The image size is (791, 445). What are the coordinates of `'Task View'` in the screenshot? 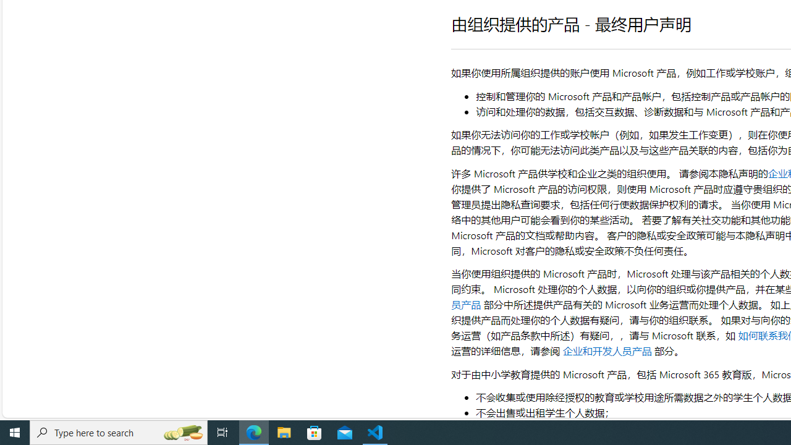 It's located at (222, 431).